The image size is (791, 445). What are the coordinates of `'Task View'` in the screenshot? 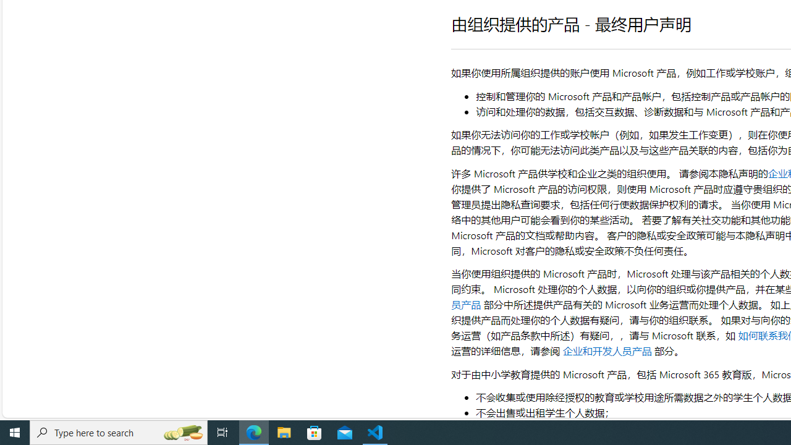 It's located at (222, 431).